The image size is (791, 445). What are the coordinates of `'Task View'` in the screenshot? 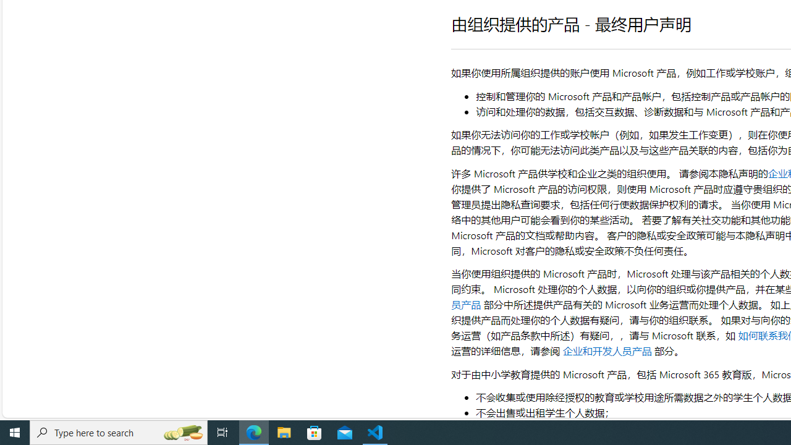 It's located at (222, 431).